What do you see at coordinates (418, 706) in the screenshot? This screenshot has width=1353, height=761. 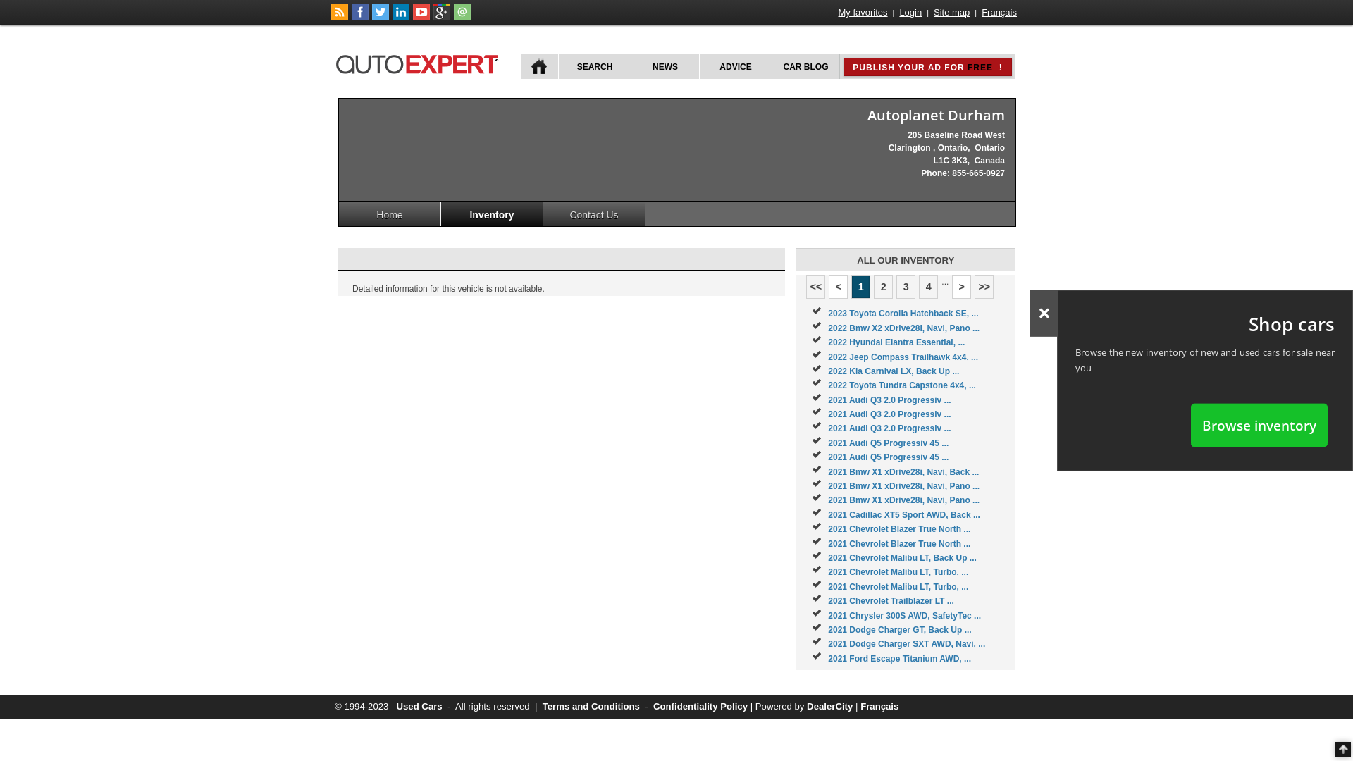 I see `'Used Cars'` at bounding box center [418, 706].